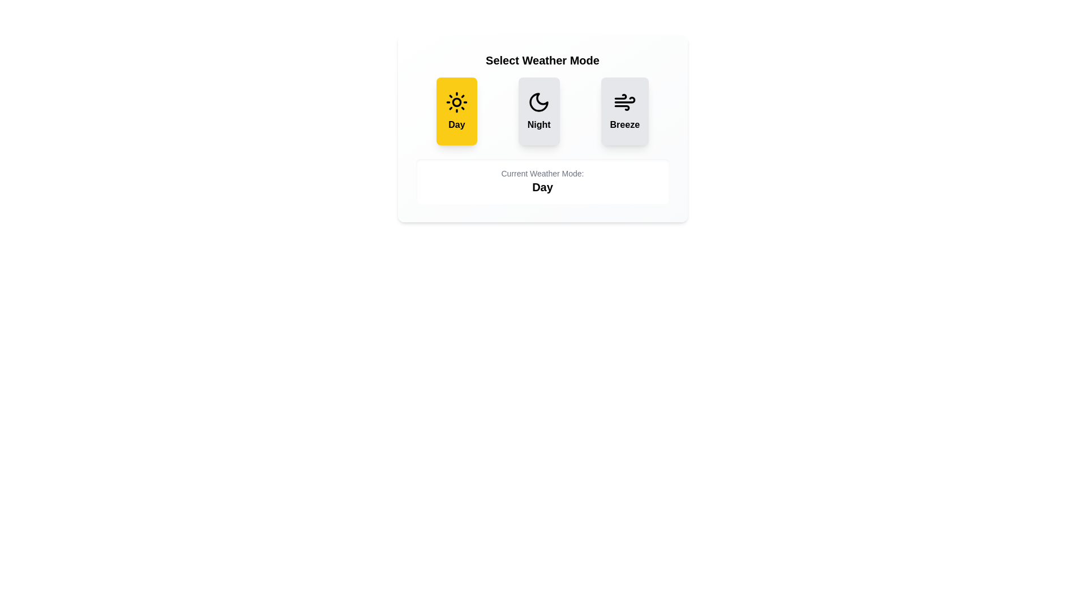 The height and width of the screenshot is (611, 1087). Describe the element at coordinates (538, 111) in the screenshot. I see `the weather mode Night by clicking on the corresponding button` at that location.